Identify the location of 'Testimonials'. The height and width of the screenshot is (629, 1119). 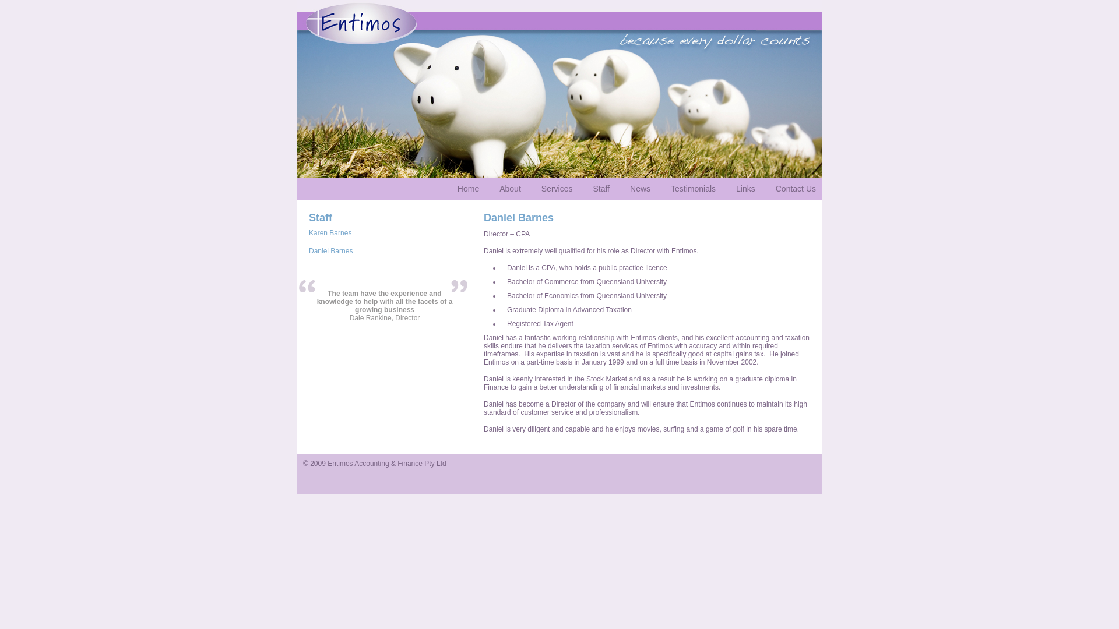
(693, 188).